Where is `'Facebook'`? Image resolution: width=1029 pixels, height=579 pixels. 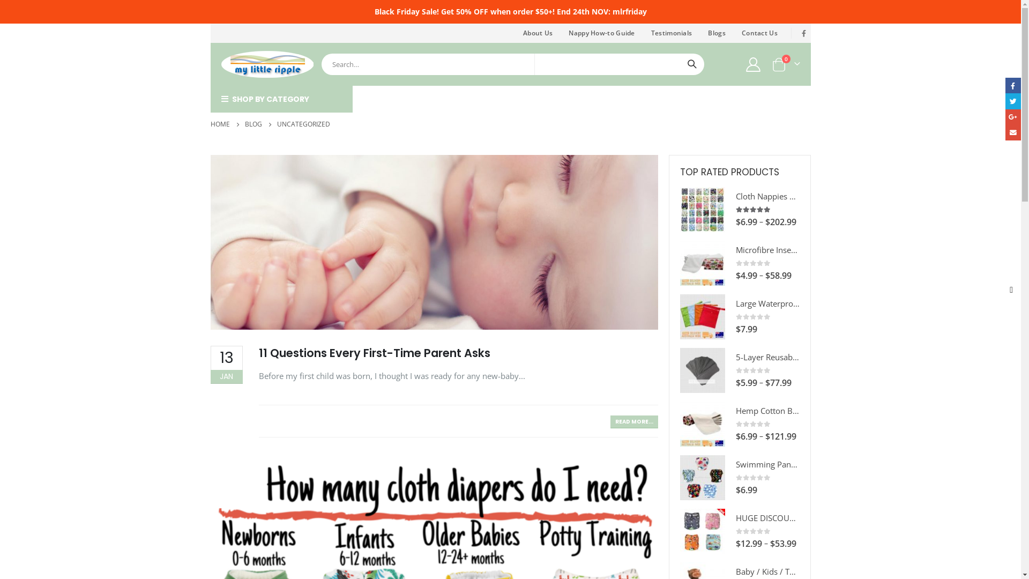 'Facebook' is located at coordinates (797, 32).